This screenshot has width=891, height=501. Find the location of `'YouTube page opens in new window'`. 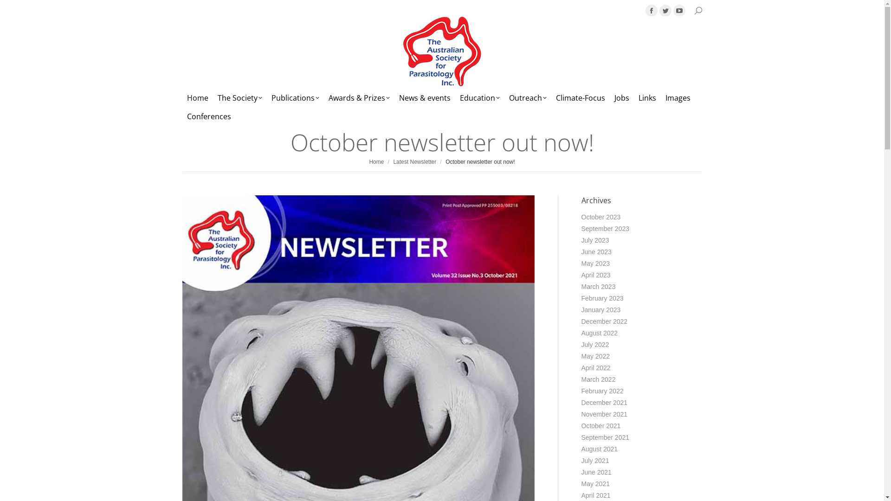

'YouTube page opens in new window' is located at coordinates (679, 11).